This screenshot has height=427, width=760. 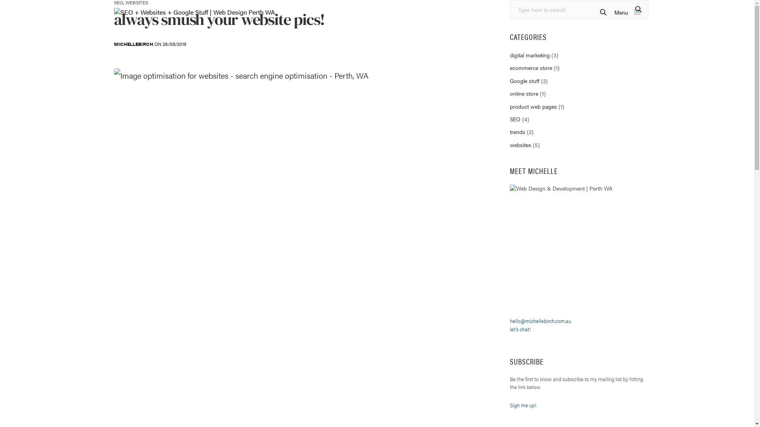 What do you see at coordinates (509, 93) in the screenshot?
I see `'online store'` at bounding box center [509, 93].